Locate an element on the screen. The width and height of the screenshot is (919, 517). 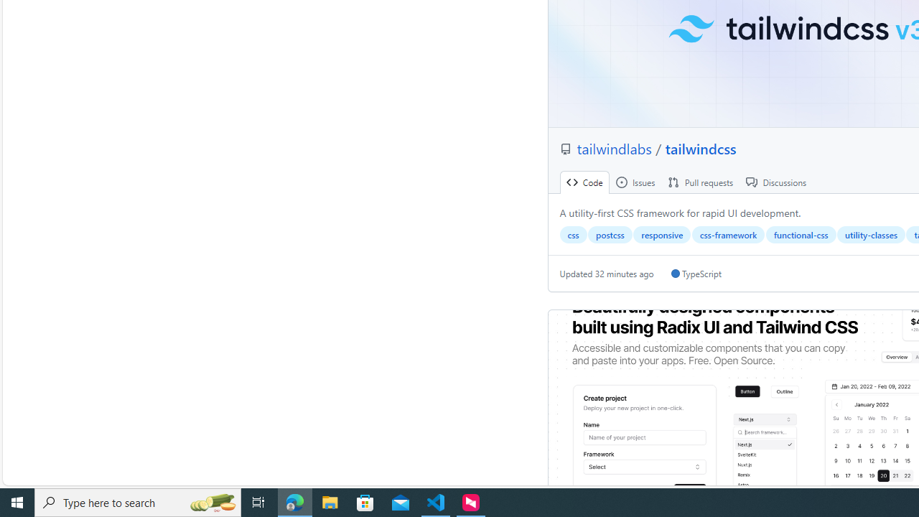
' Pull requests' is located at coordinates (701, 182).